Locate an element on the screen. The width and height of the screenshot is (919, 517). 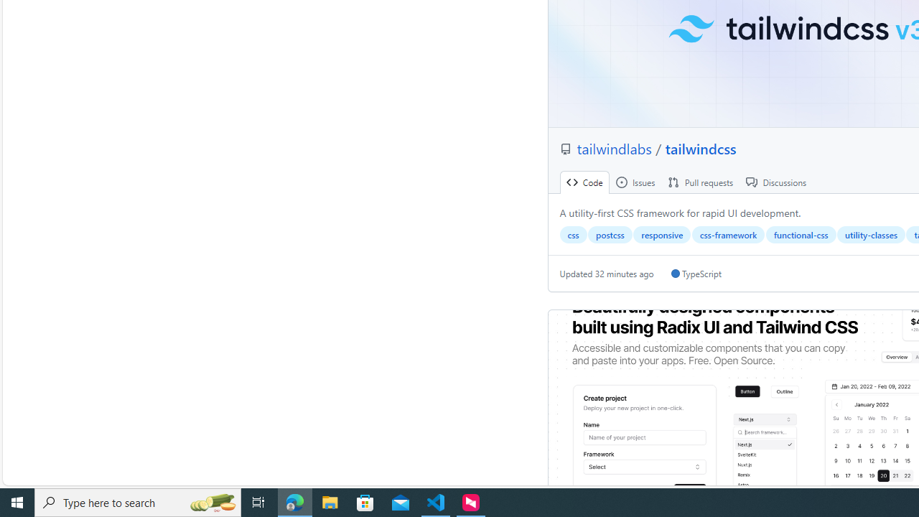
' Pull requests' is located at coordinates (701, 182).